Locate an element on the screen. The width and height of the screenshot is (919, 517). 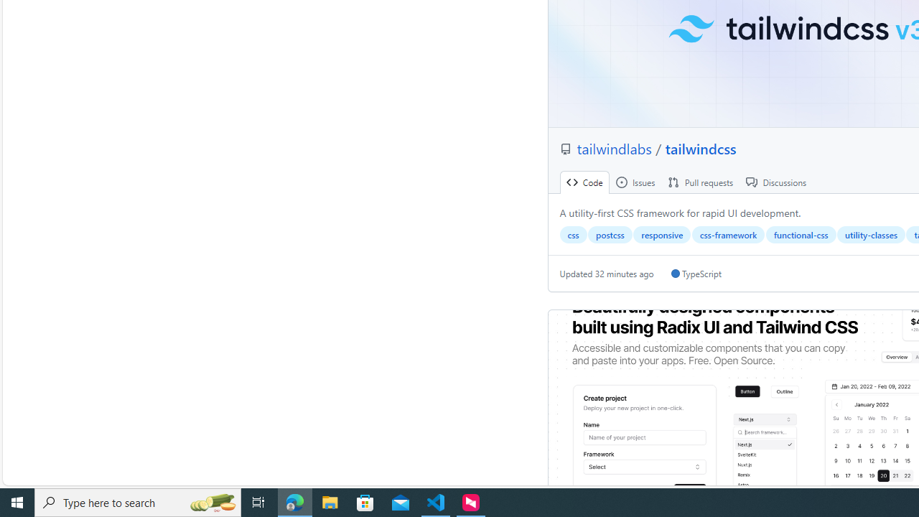
' Pull requests' is located at coordinates (701, 182).